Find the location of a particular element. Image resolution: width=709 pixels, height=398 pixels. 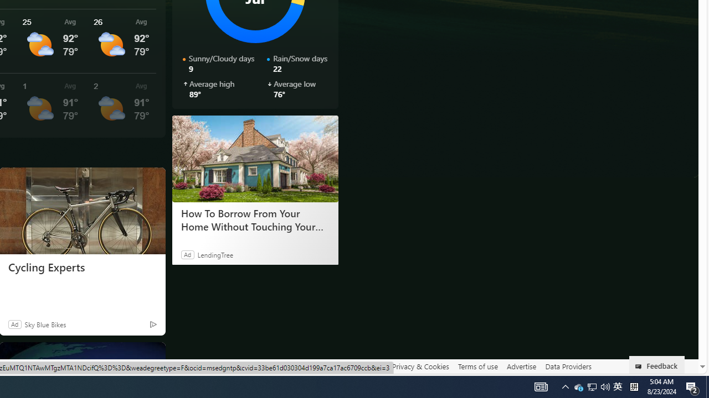

'Advertise' is located at coordinates (521, 366).